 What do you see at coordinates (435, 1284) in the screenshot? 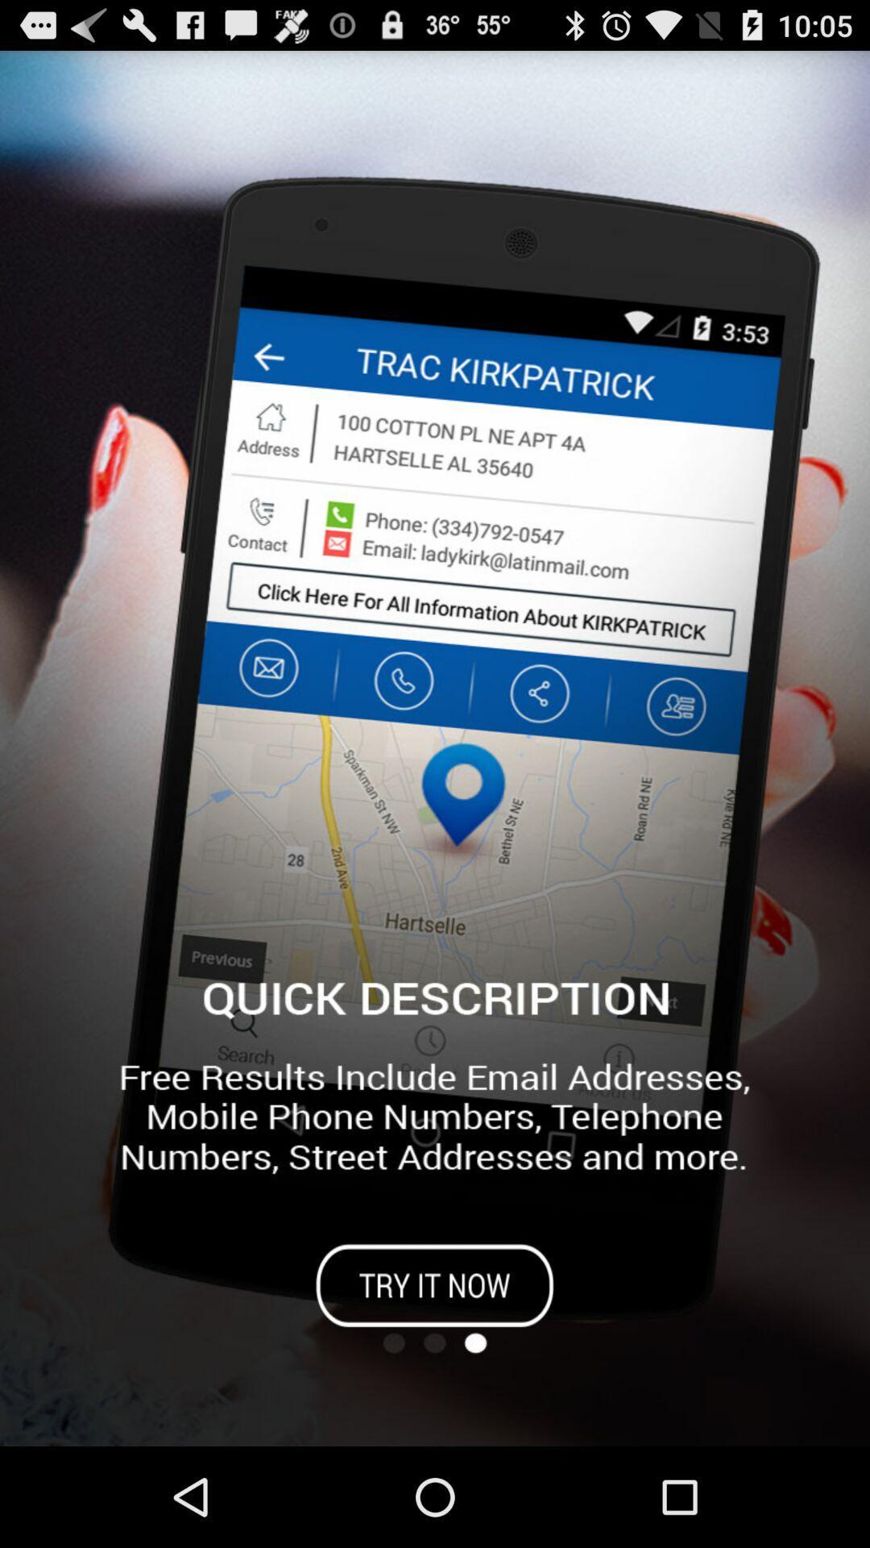
I see `app page` at bounding box center [435, 1284].